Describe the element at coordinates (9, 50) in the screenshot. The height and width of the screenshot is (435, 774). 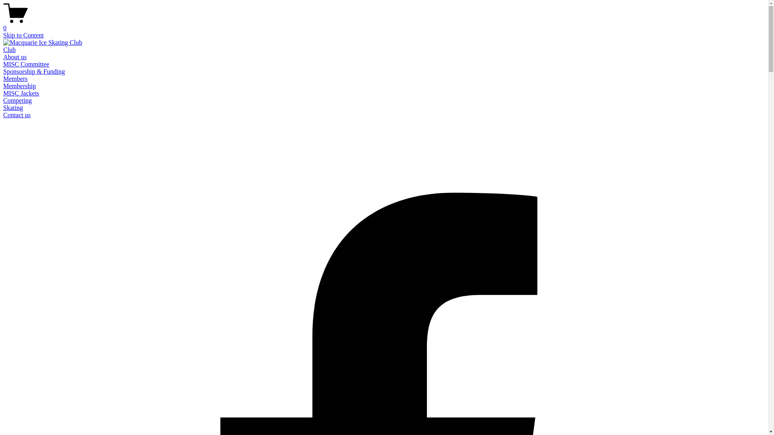
I see `'Club'` at that location.